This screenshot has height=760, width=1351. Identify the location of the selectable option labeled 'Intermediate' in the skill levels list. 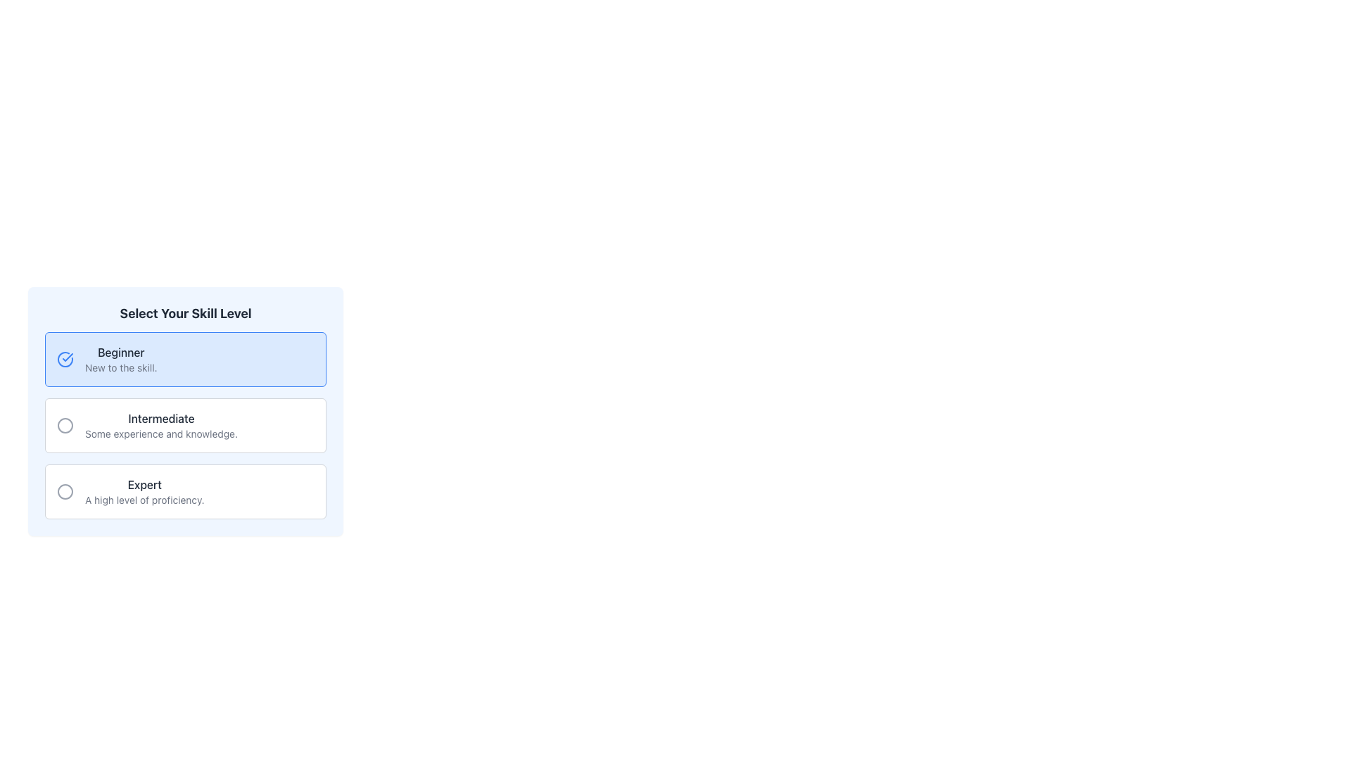
(161, 425).